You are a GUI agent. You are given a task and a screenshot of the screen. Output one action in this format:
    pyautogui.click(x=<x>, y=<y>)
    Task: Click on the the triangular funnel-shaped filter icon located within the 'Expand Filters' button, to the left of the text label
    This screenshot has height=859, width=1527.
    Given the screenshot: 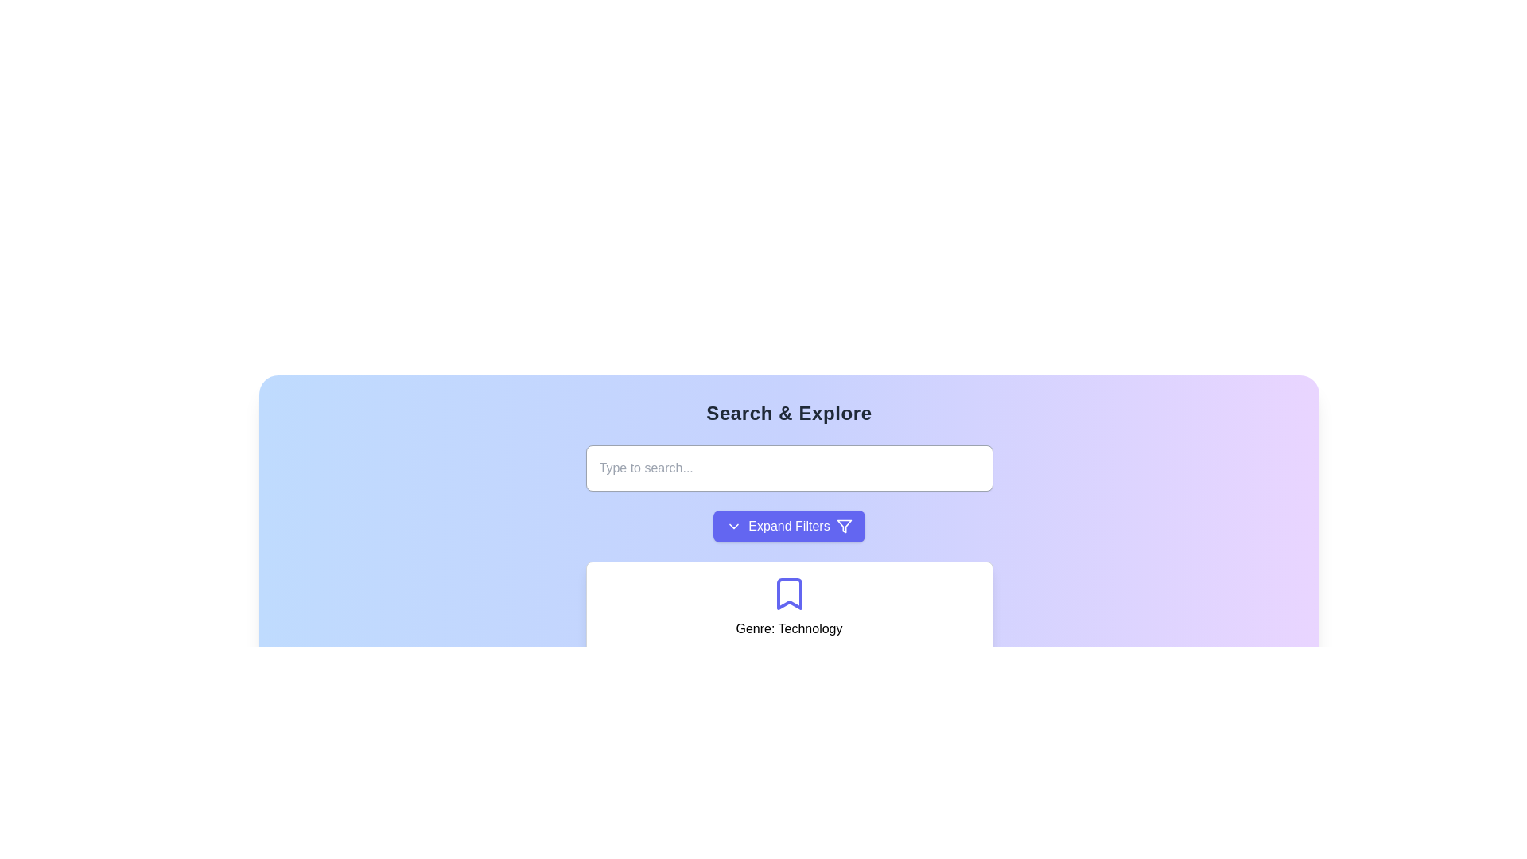 What is the action you would take?
    pyautogui.click(x=843, y=527)
    